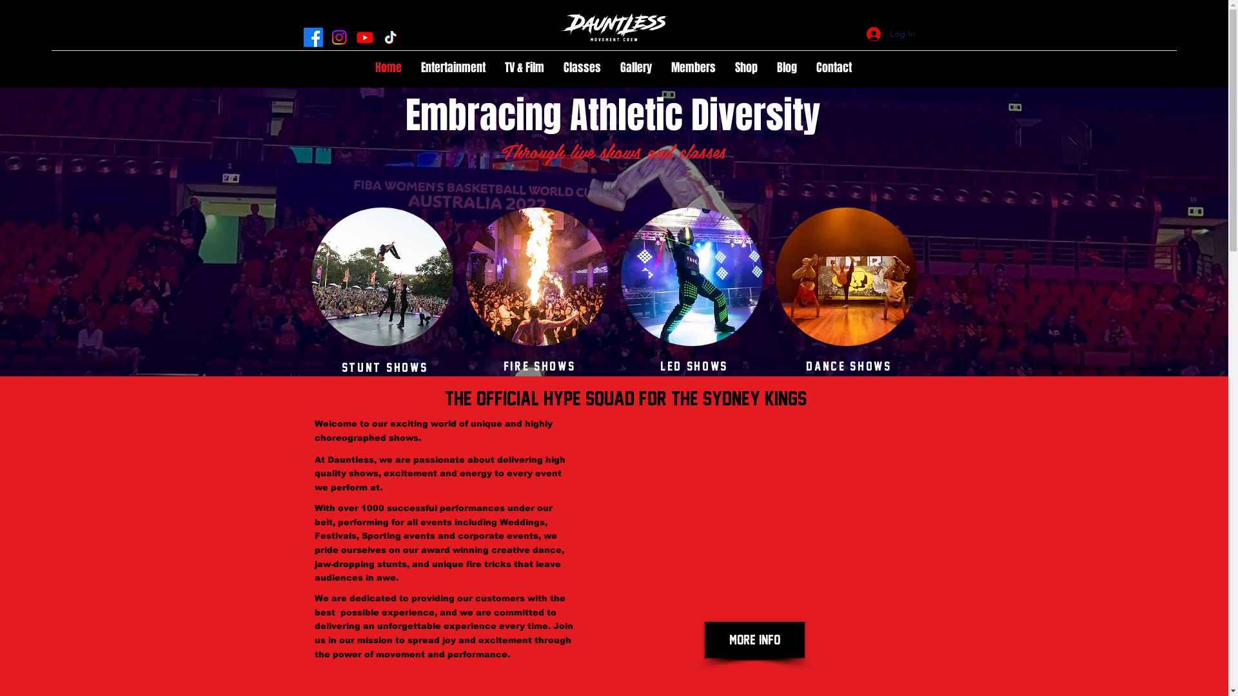  What do you see at coordinates (388, 68) in the screenshot?
I see `'Home'` at bounding box center [388, 68].